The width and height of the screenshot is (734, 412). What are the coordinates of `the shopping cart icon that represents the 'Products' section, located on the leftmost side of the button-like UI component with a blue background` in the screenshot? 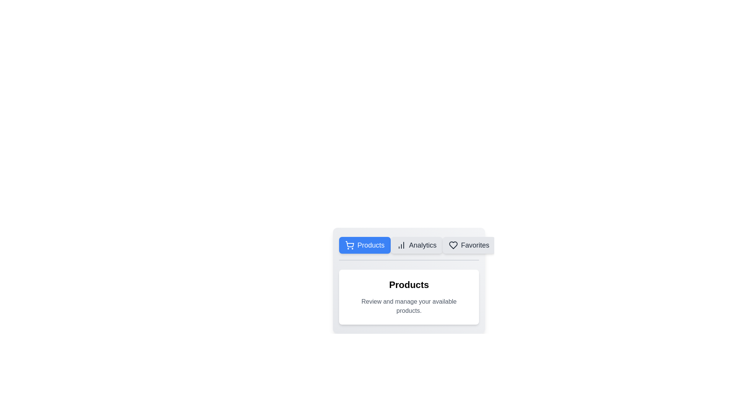 It's located at (349, 245).